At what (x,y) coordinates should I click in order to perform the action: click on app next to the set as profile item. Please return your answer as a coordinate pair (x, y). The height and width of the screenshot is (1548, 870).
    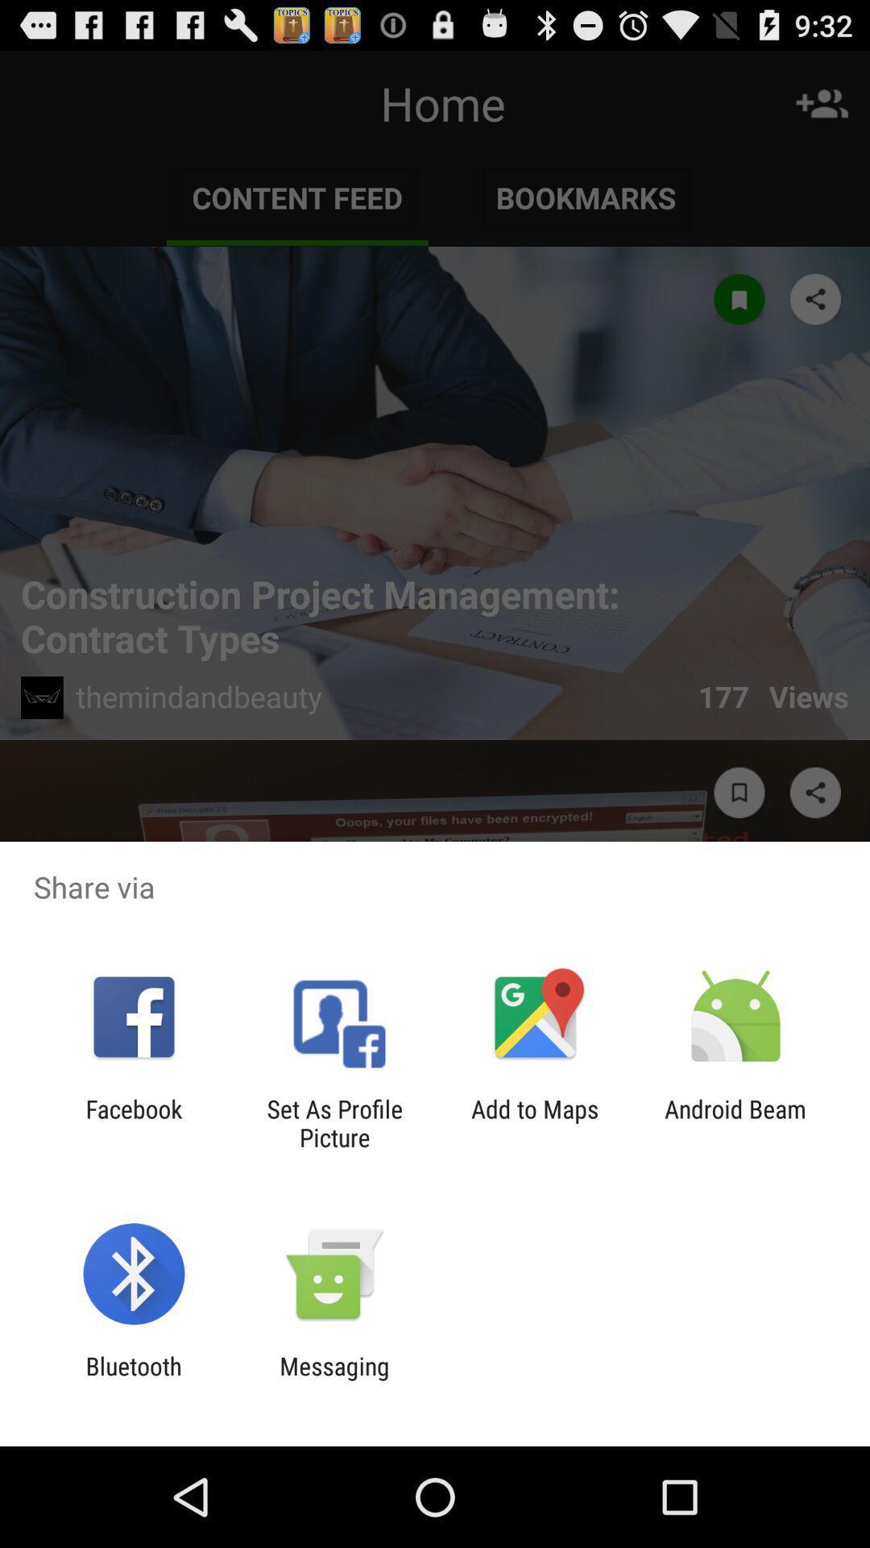
    Looking at the image, I should click on (133, 1122).